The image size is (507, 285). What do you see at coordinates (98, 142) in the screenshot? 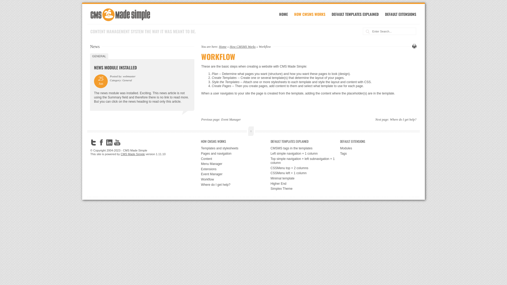
I see `'Facebook'` at bounding box center [98, 142].